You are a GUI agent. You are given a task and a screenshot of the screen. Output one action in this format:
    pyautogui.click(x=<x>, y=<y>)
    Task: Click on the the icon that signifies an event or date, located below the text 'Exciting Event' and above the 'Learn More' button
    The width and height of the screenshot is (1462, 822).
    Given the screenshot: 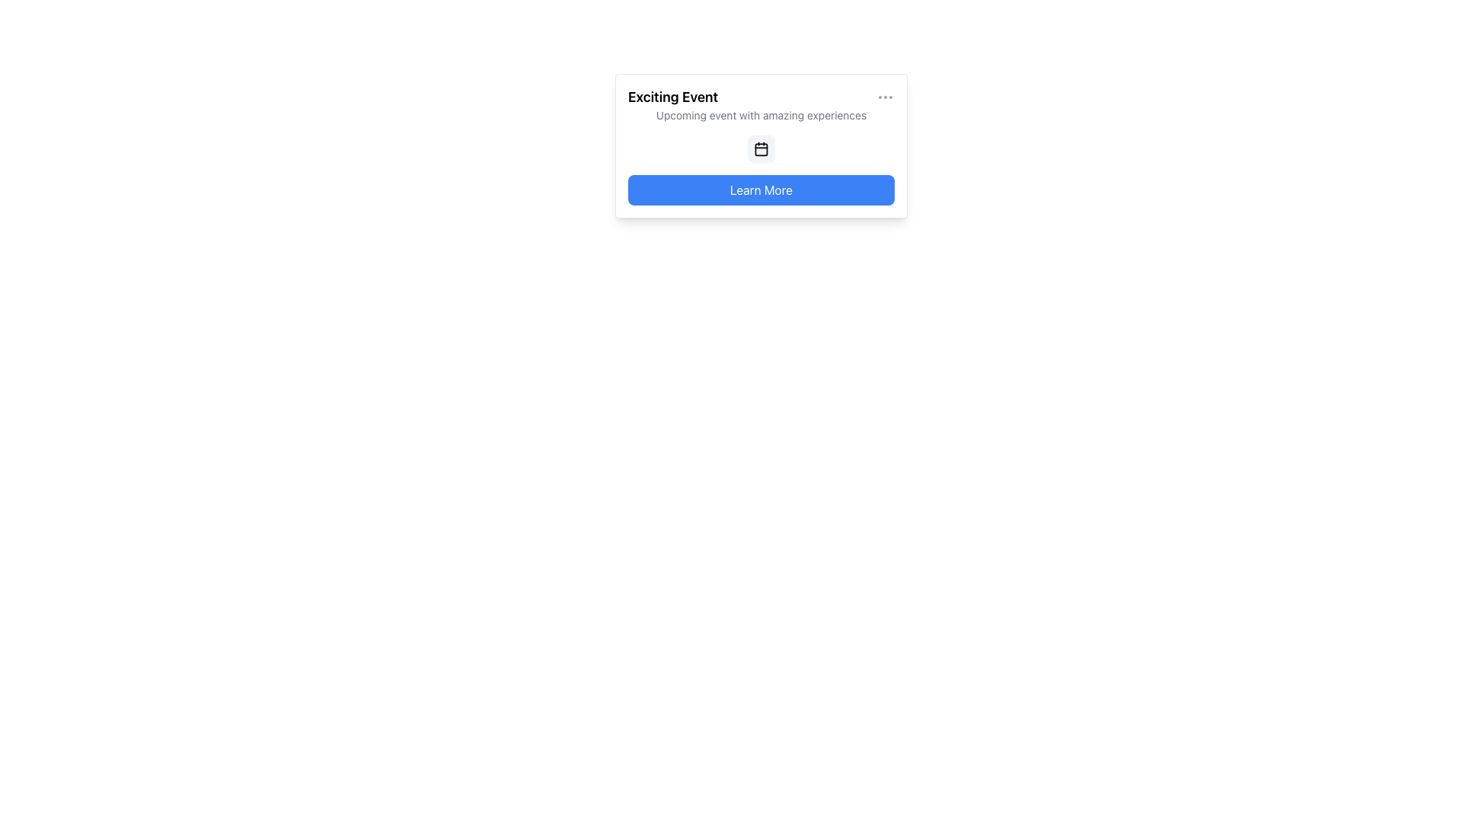 What is the action you would take?
    pyautogui.click(x=761, y=149)
    